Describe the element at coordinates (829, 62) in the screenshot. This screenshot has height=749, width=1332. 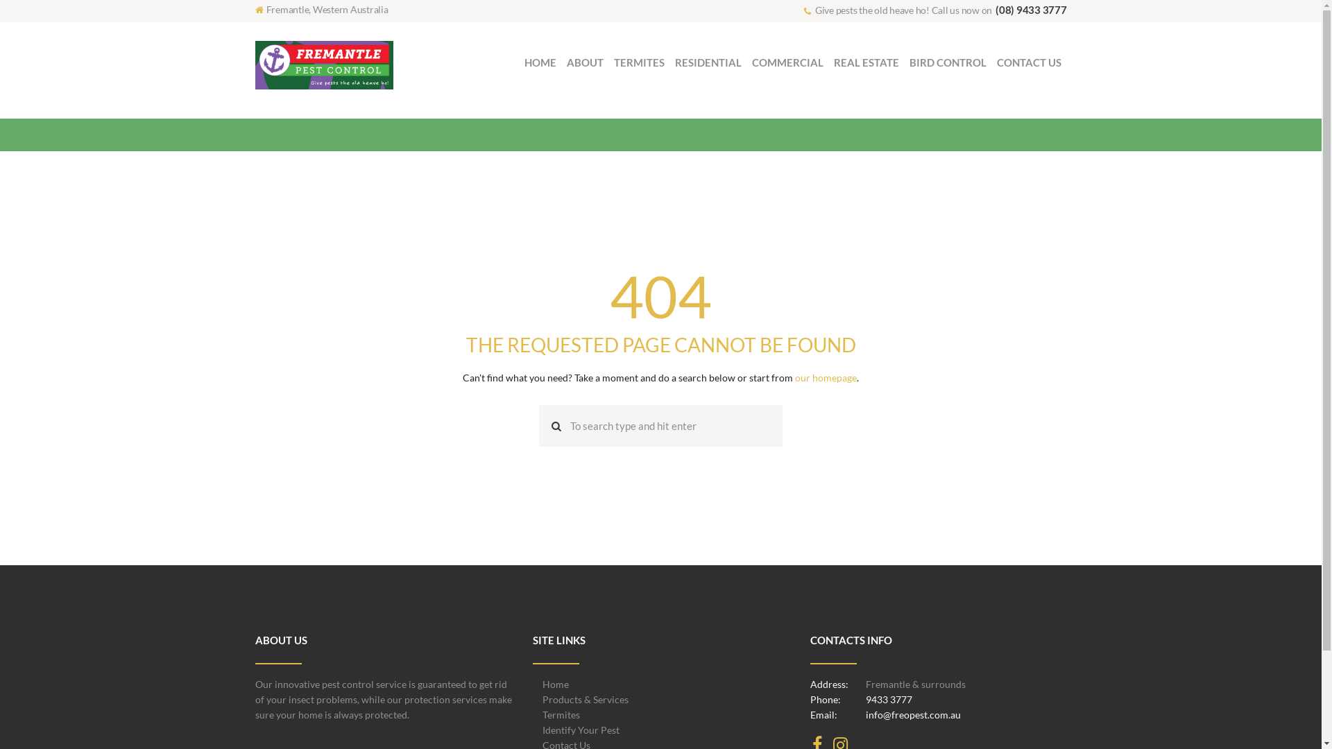
I see `'REAL ESTATE'` at that location.